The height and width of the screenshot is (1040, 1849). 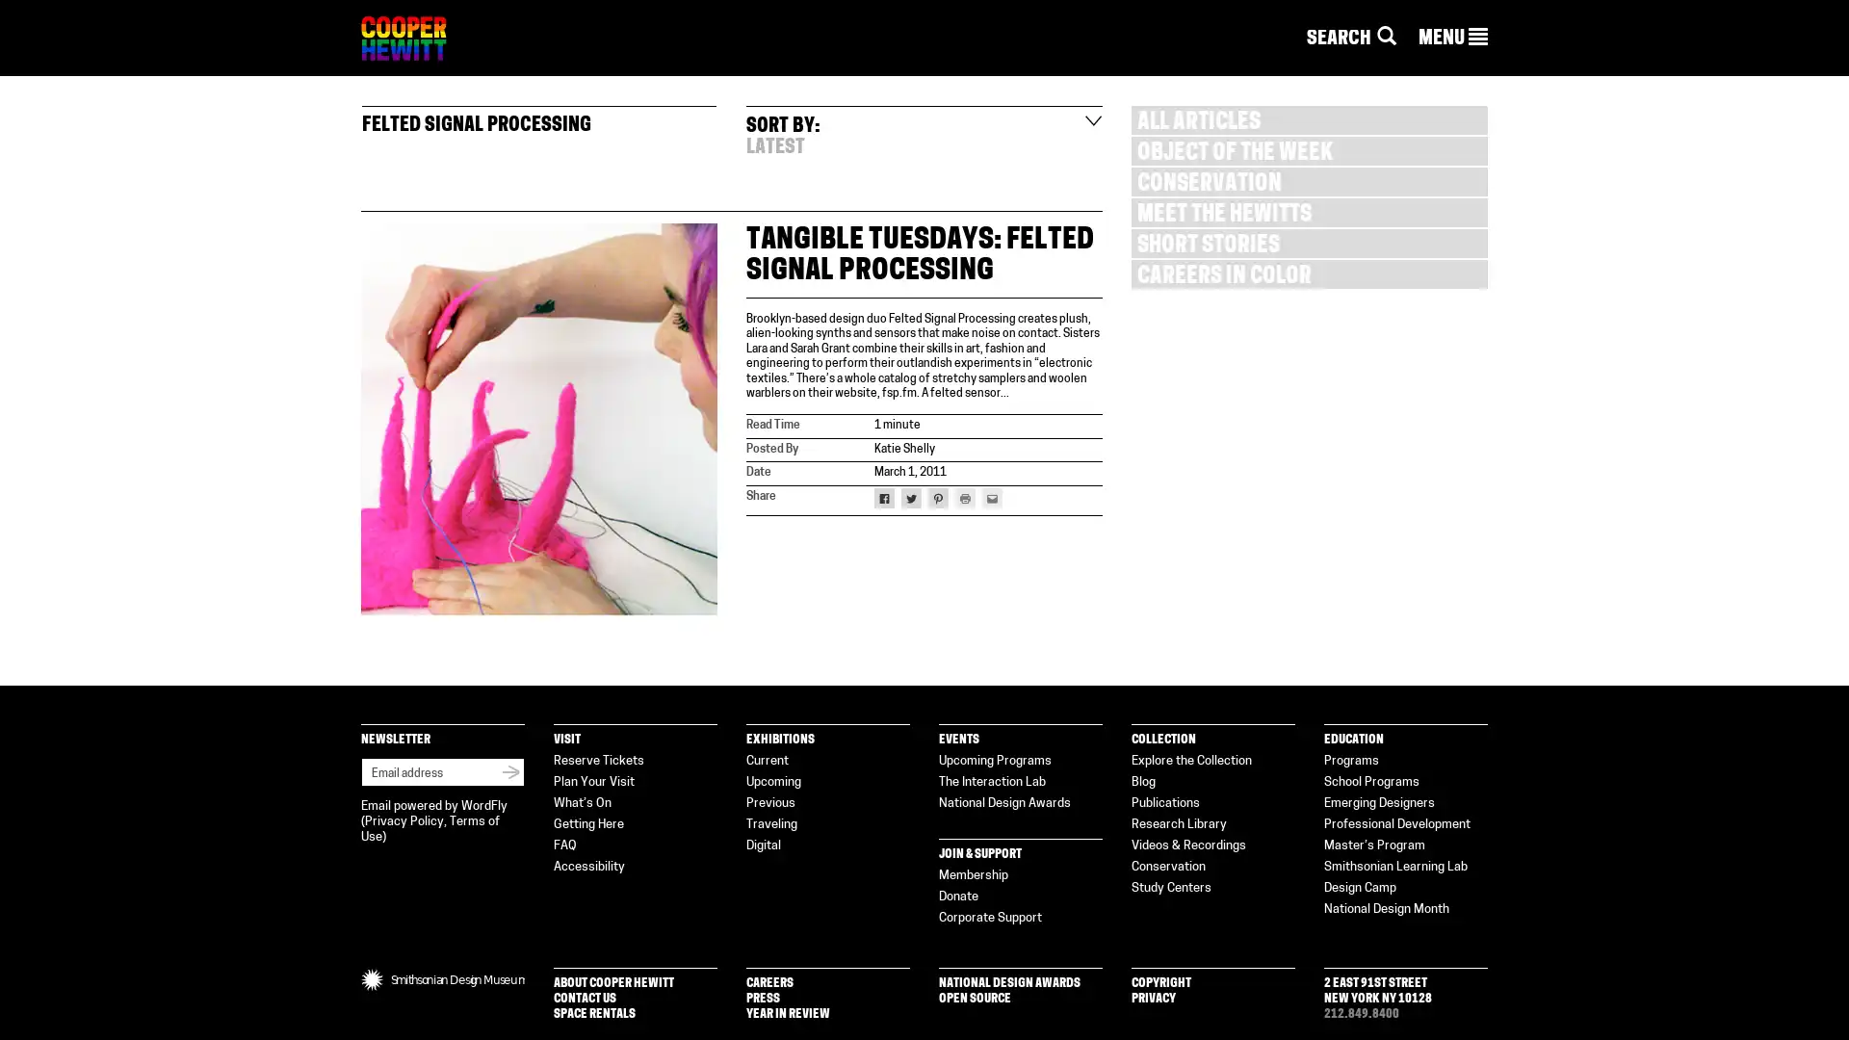 What do you see at coordinates (775, 147) in the screenshot?
I see `LATEST` at bounding box center [775, 147].